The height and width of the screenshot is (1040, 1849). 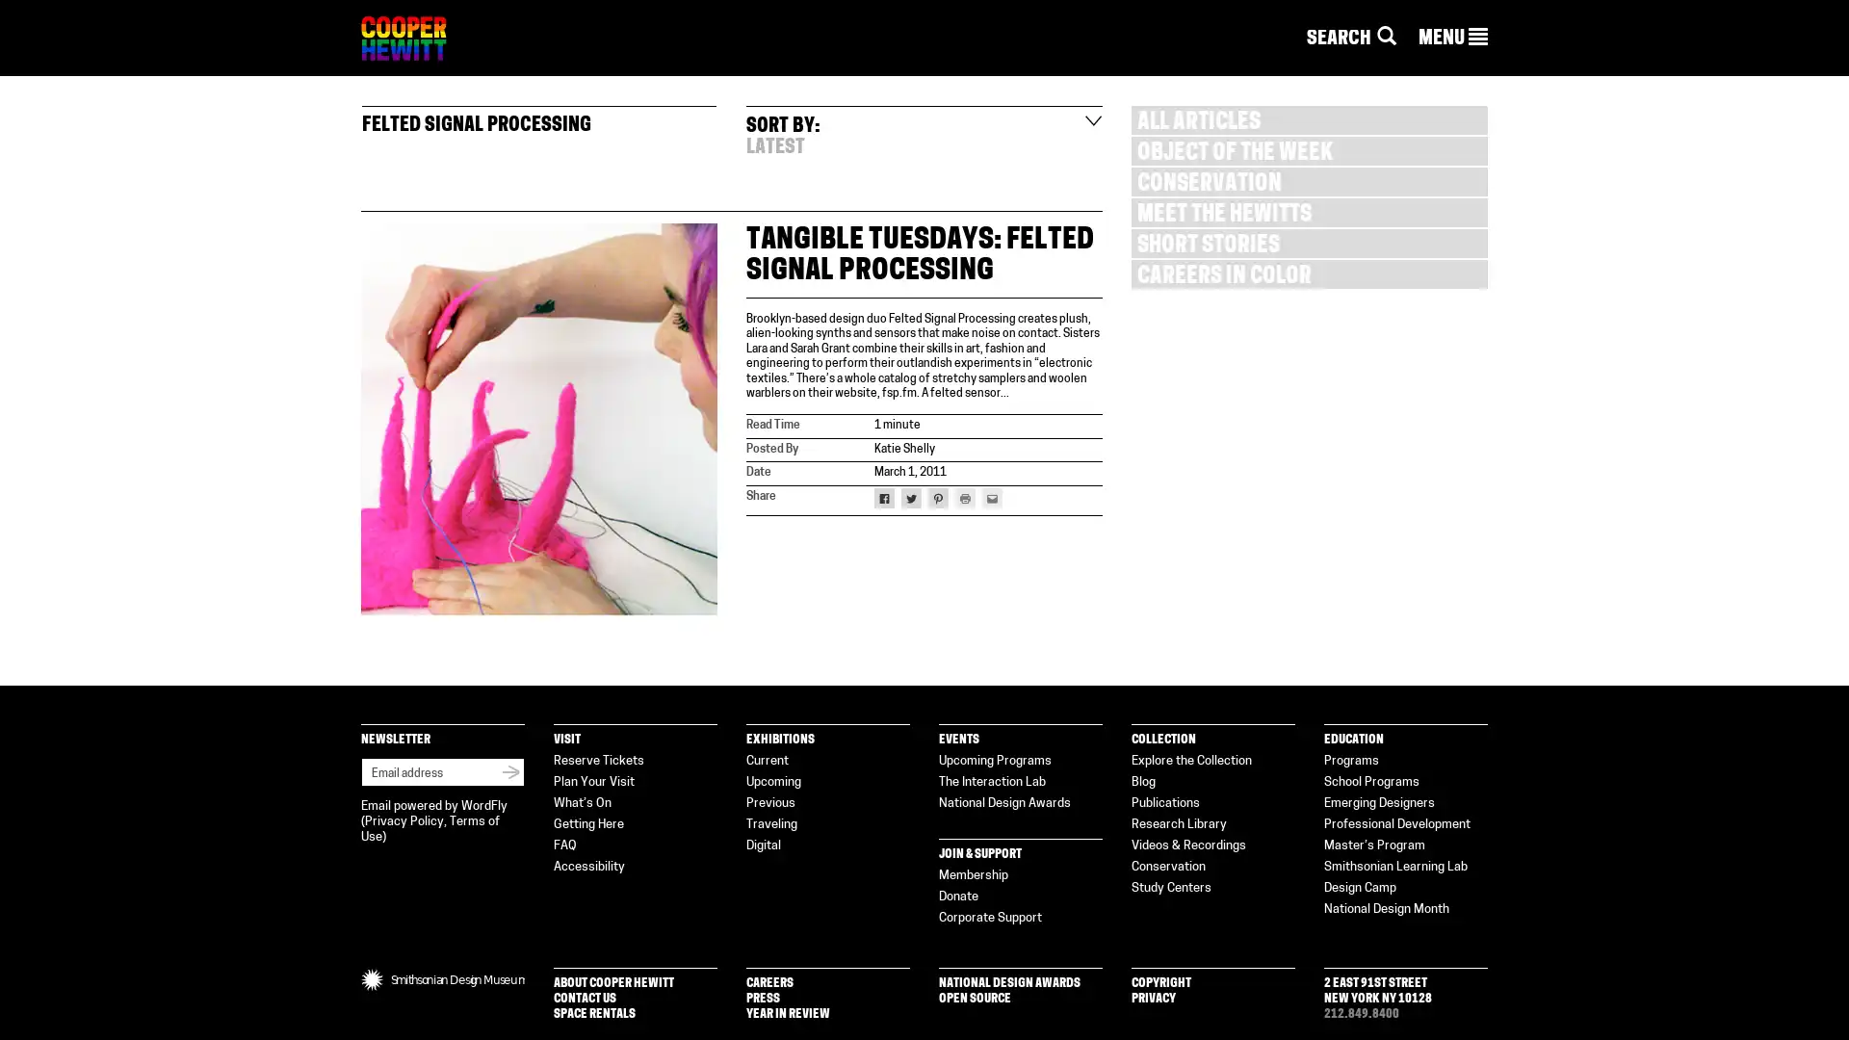 What do you see at coordinates (775, 147) in the screenshot?
I see `LATEST` at bounding box center [775, 147].